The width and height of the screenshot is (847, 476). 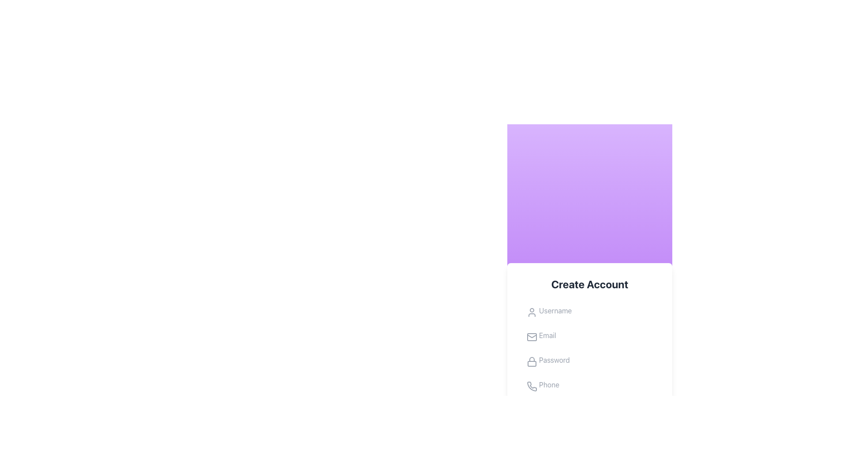 What do you see at coordinates (532, 386) in the screenshot?
I see `the phone receiver icon in the 'Create Account' section, located between the 'Password' field and the phone number input field` at bounding box center [532, 386].